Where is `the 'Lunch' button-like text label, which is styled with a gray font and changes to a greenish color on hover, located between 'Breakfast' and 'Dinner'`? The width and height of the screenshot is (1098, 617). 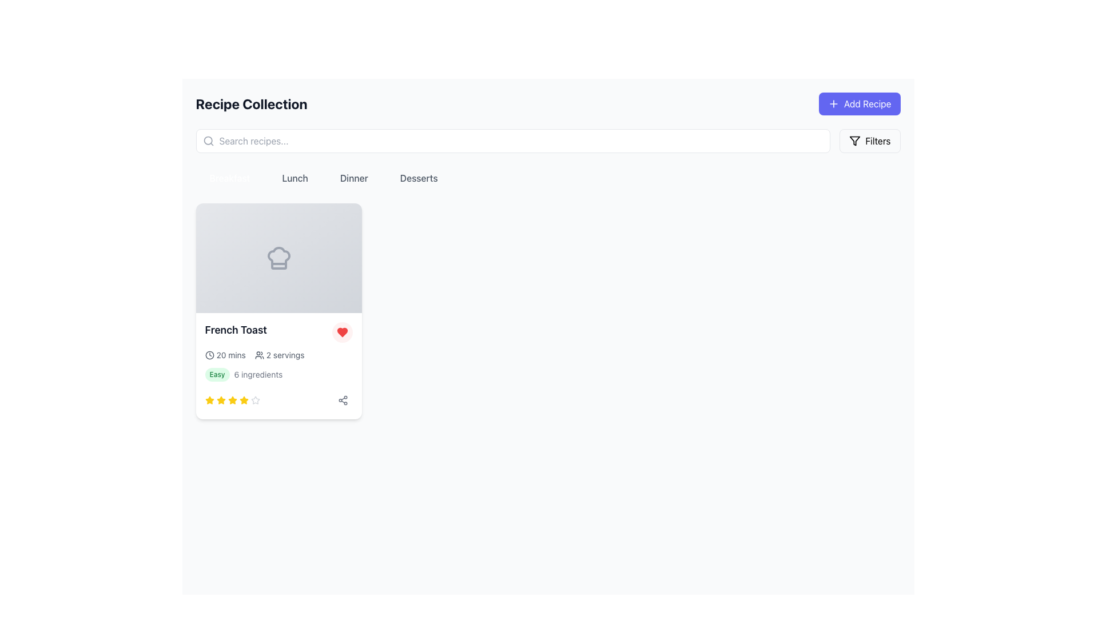
the 'Lunch' button-like text label, which is styled with a gray font and changes to a greenish color on hover, located between 'Breakfast' and 'Dinner' is located at coordinates (295, 178).